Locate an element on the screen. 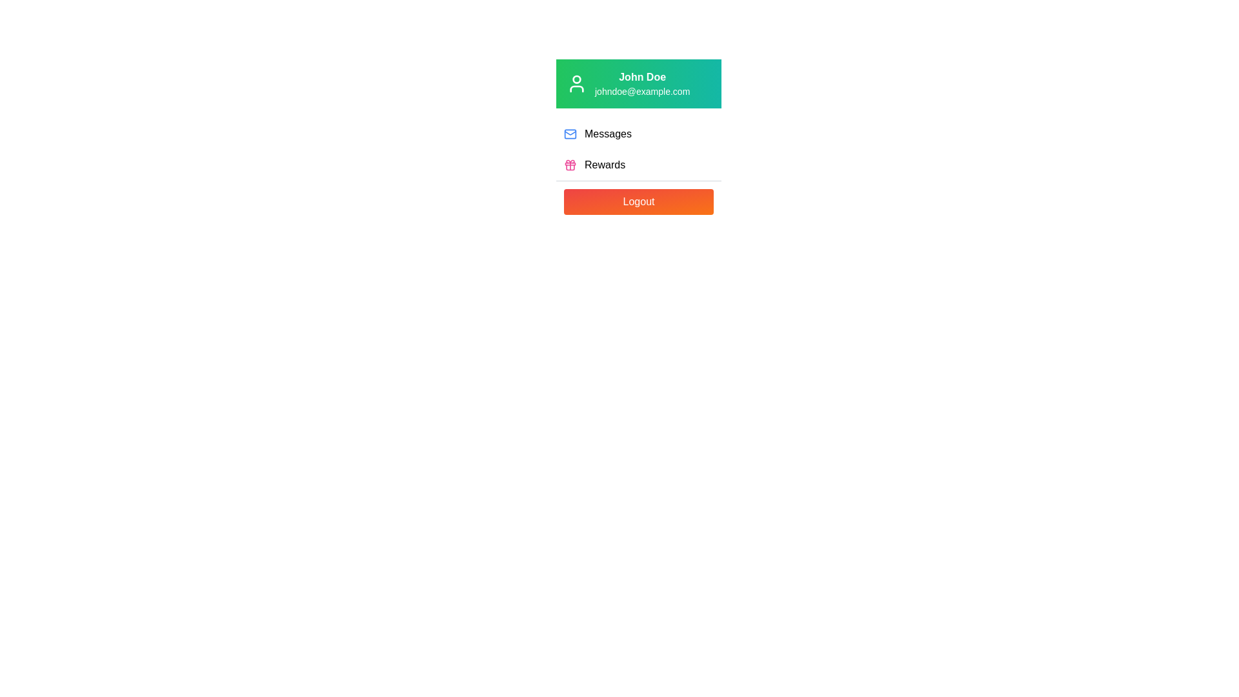  the 'Messages' text label, which is positioned next is located at coordinates (607, 134).